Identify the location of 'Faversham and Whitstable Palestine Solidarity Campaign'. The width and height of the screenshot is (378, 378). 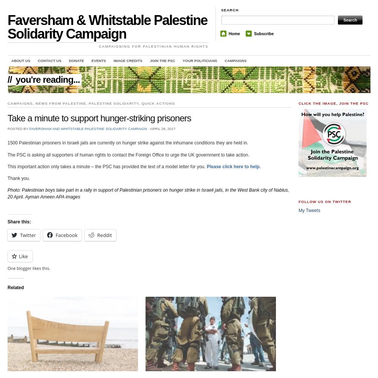
(87, 128).